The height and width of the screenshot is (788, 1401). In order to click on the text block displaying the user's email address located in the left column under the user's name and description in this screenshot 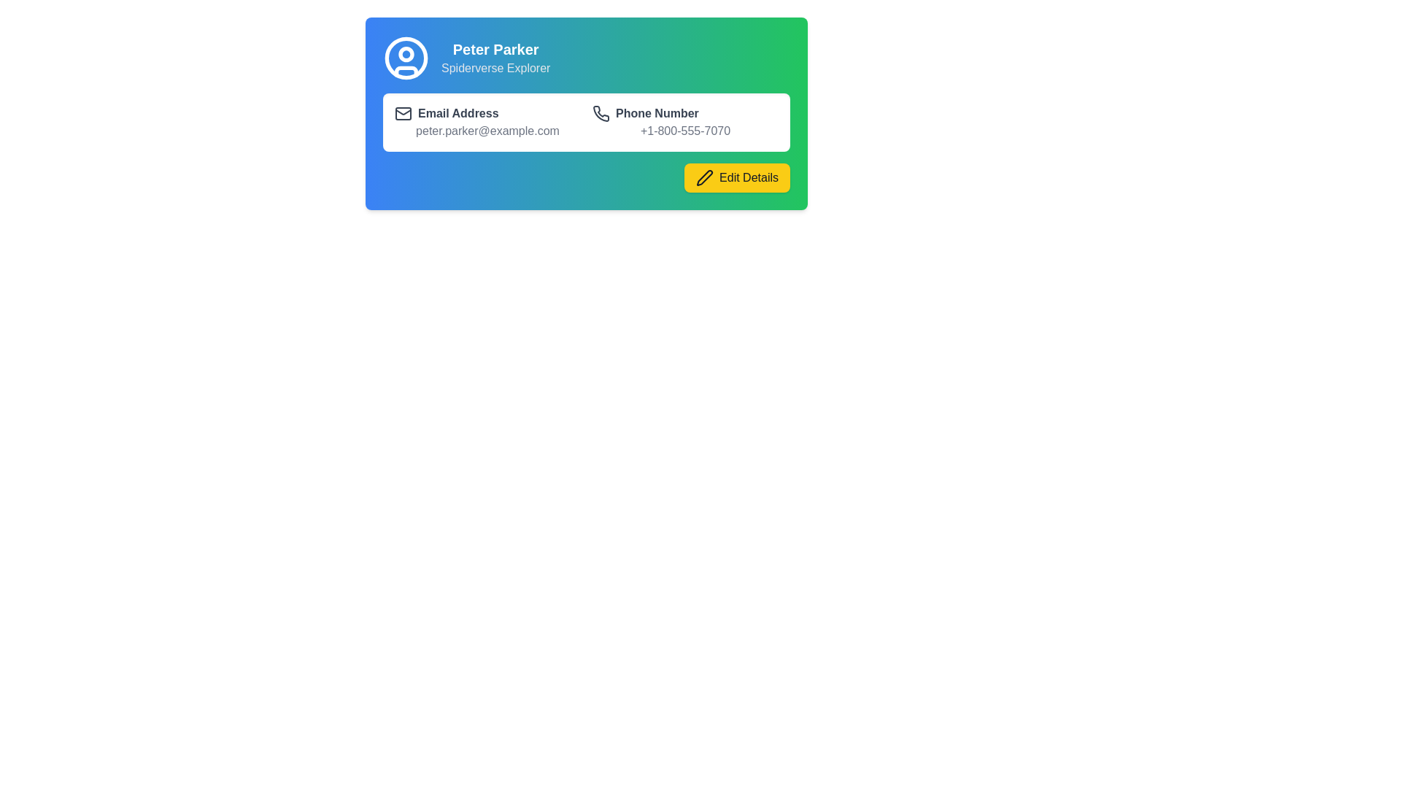, I will do `click(487, 122)`.